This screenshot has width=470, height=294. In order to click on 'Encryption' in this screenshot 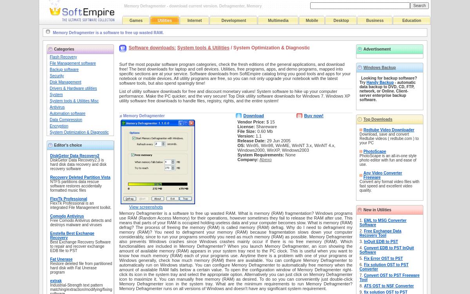, I will do `click(59, 125)`.